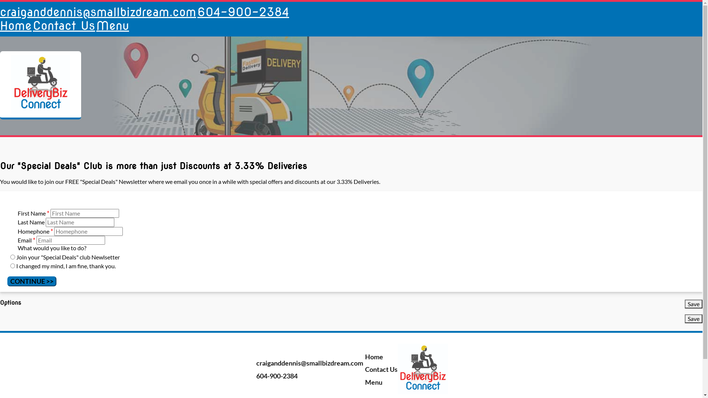 The width and height of the screenshot is (708, 398). What do you see at coordinates (309, 362) in the screenshot?
I see `'craiganddennis@smallbizdream.com'` at bounding box center [309, 362].